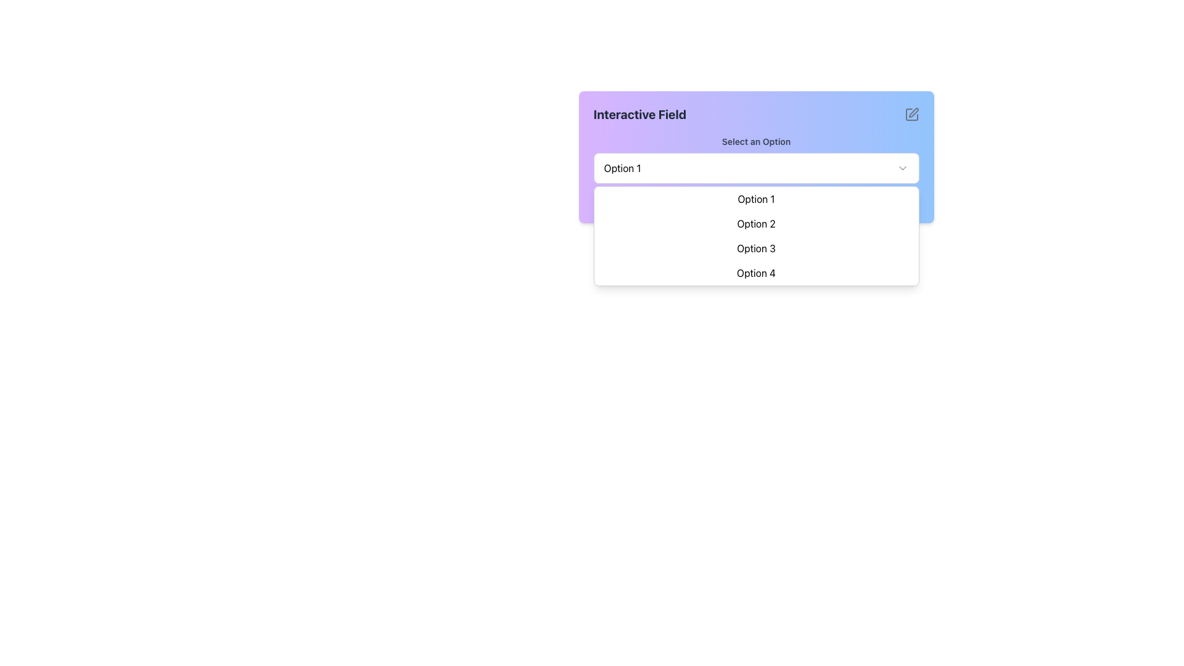 Image resolution: width=1184 pixels, height=666 pixels. Describe the element at coordinates (755, 248) in the screenshot. I see `'Option 3' in the dropdown menu` at that location.